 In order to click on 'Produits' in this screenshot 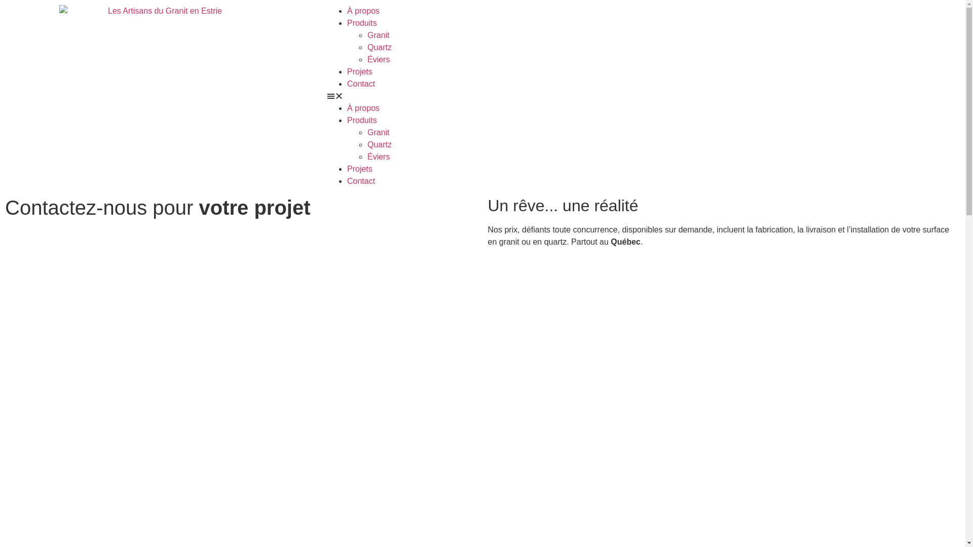, I will do `click(362, 23)`.